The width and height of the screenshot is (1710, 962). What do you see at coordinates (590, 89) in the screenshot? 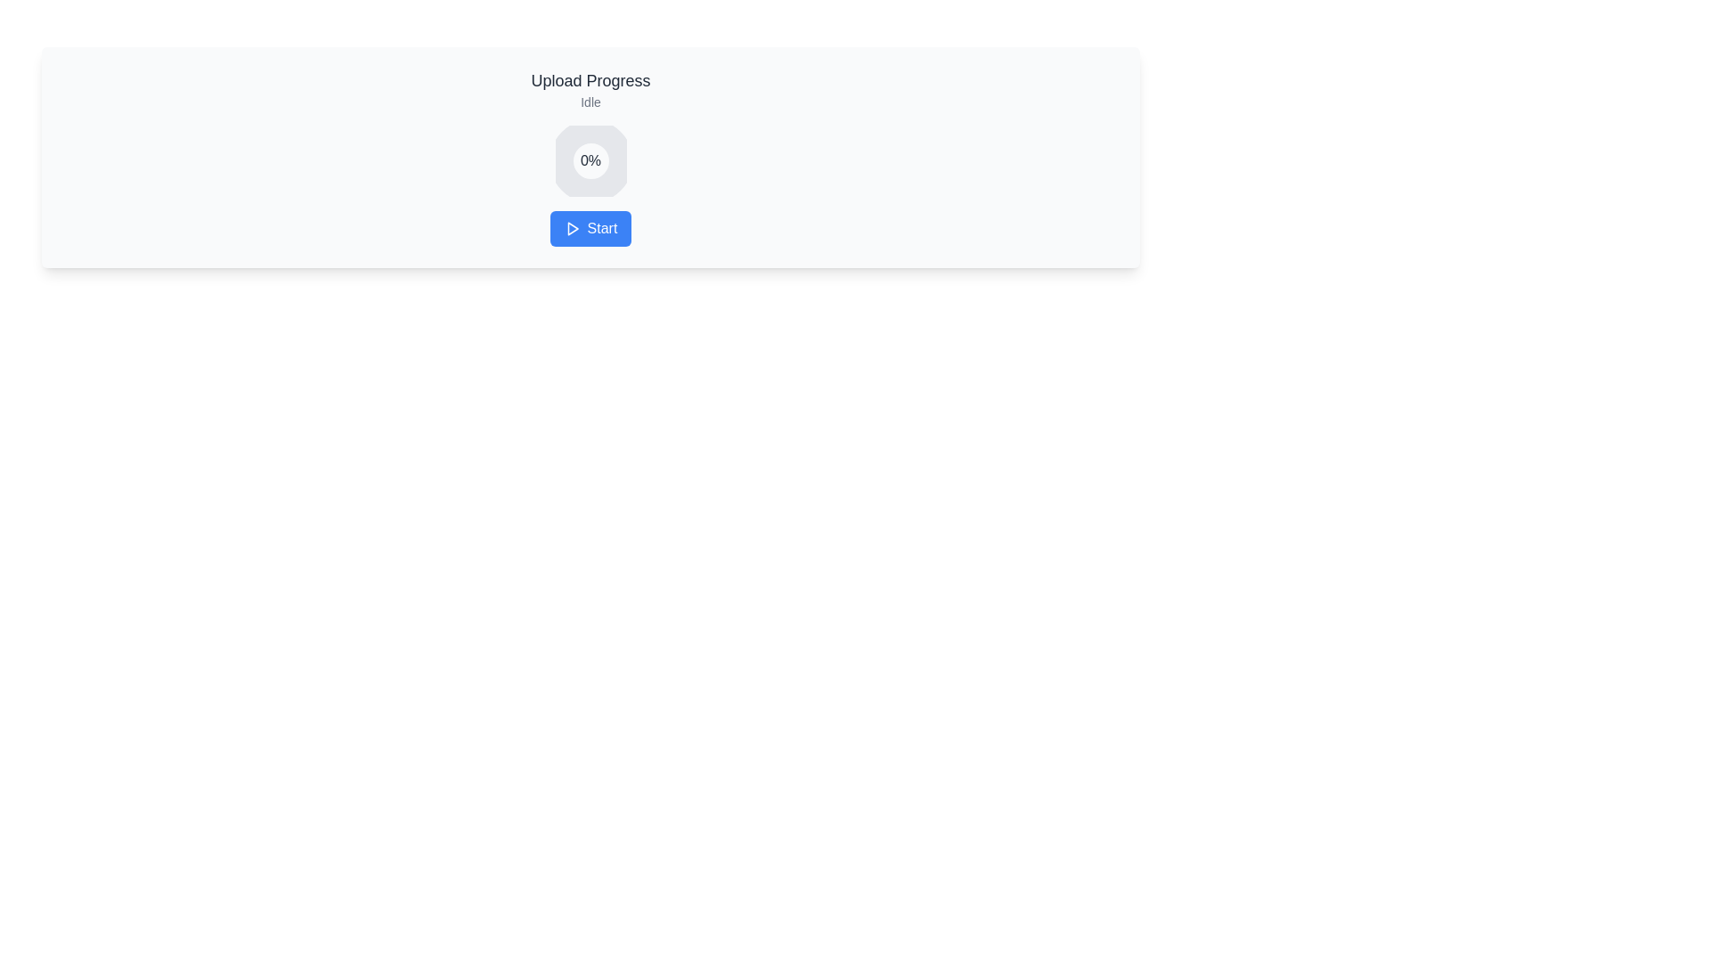
I see `the 'Upload Progress' text block, which contains the heading in a larger font and the smaller text 'Idle' underneath, located at the top of the content area` at bounding box center [590, 89].